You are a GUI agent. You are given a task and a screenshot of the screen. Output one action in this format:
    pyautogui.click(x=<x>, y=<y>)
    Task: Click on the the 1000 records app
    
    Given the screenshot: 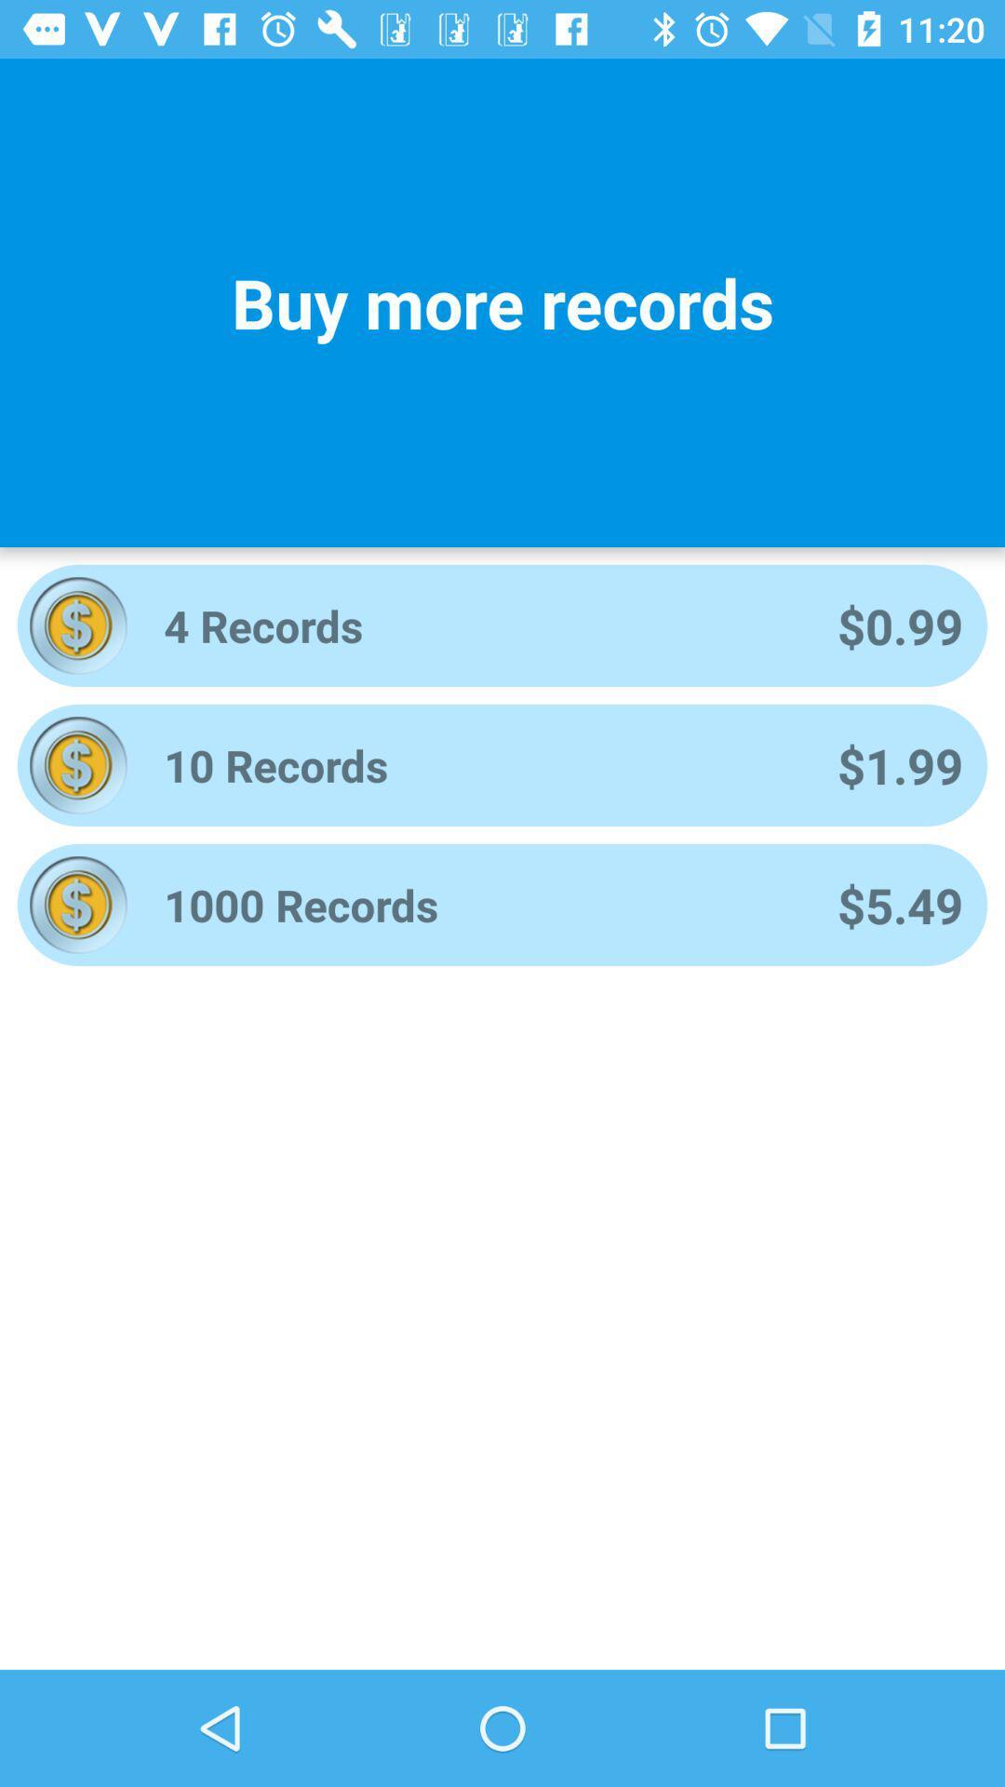 What is the action you would take?
    pyautogui.click(x=475, y=905)
    